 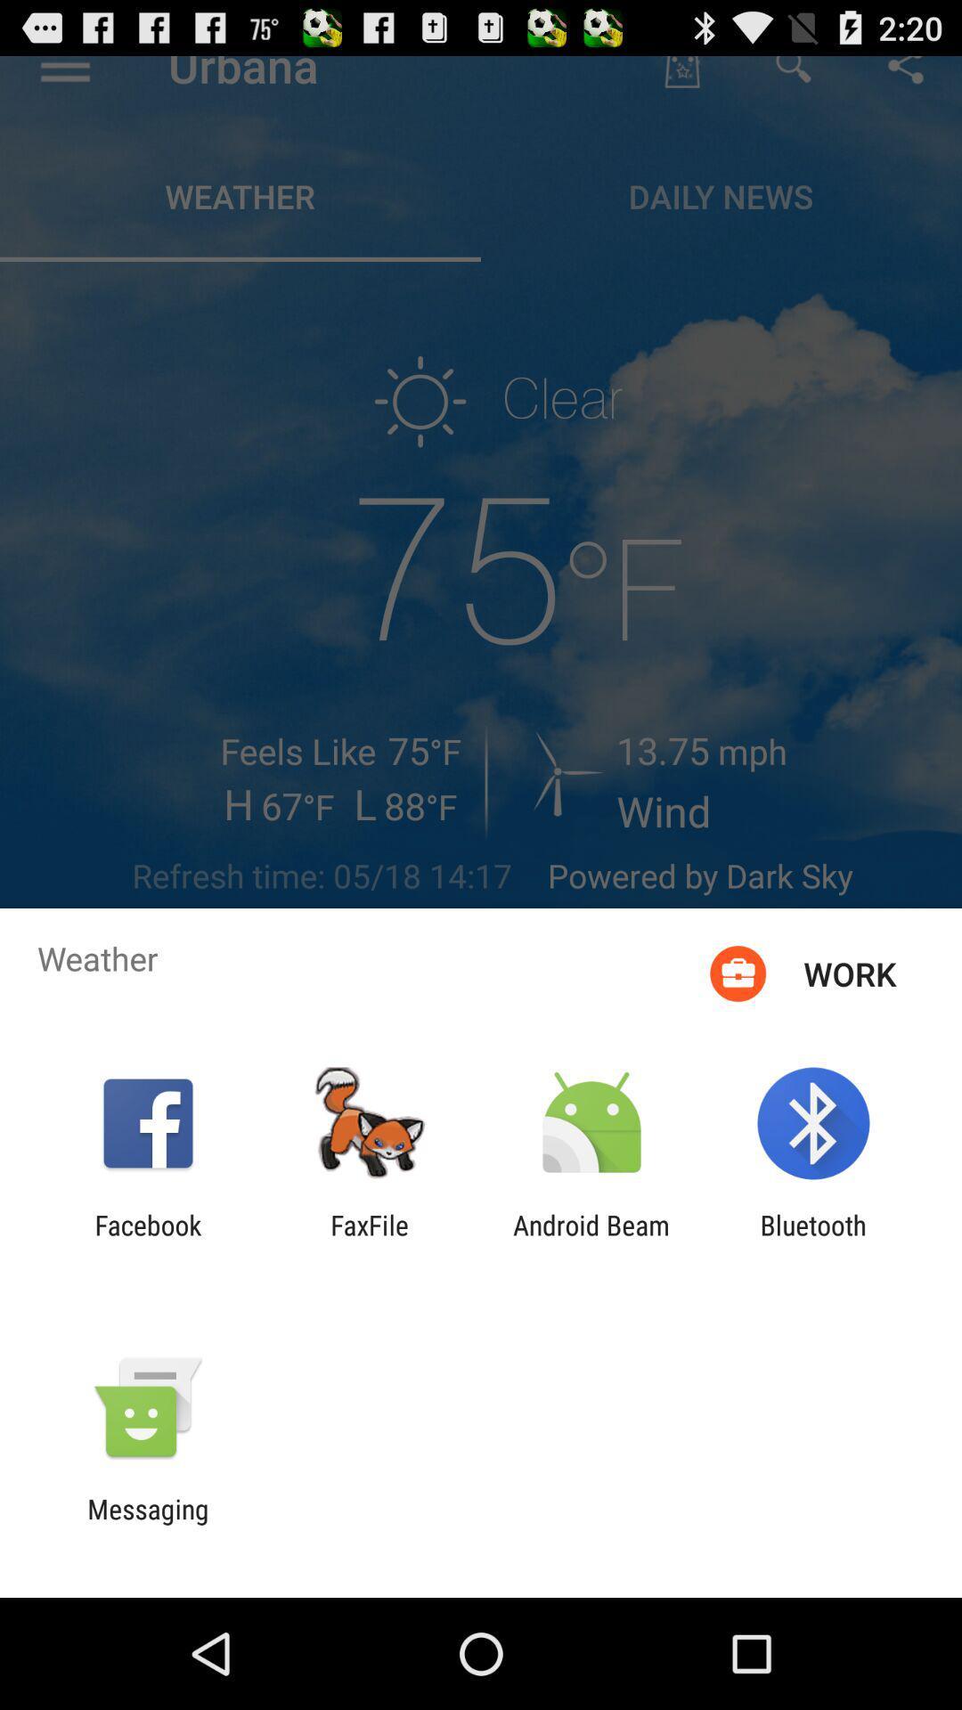 What do you see at coordinates (591, 1240) in the screenshot?
I see `android beam app` at bounding box center [591, 1240].